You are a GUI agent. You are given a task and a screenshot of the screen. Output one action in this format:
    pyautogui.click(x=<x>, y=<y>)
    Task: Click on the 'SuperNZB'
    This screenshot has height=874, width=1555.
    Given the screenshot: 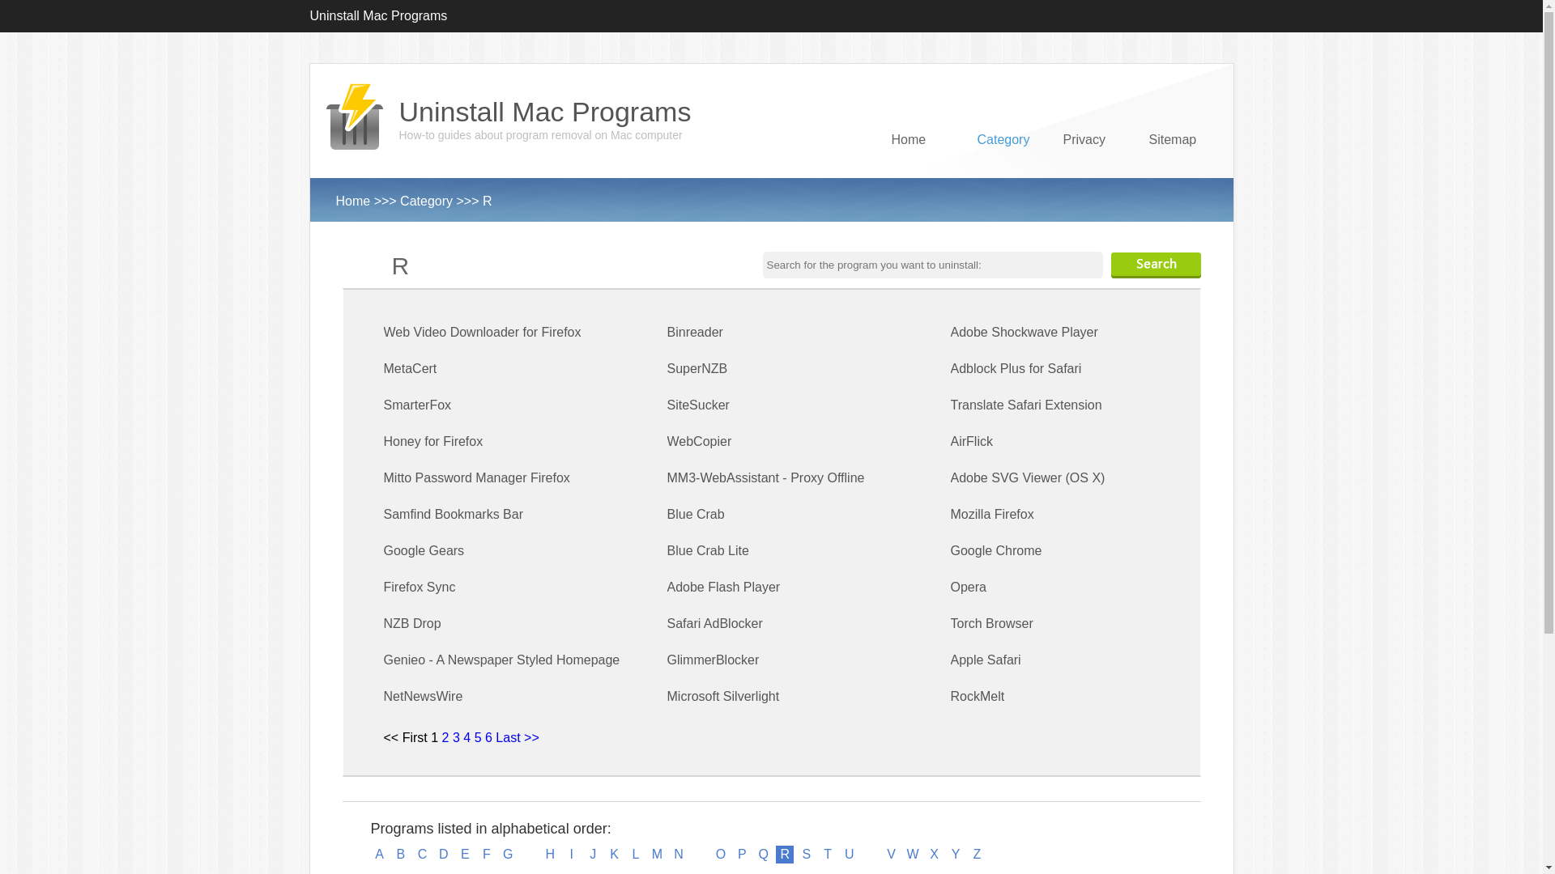 What is the action you would take?
    pyautogui.click(x=697, y=368)
    